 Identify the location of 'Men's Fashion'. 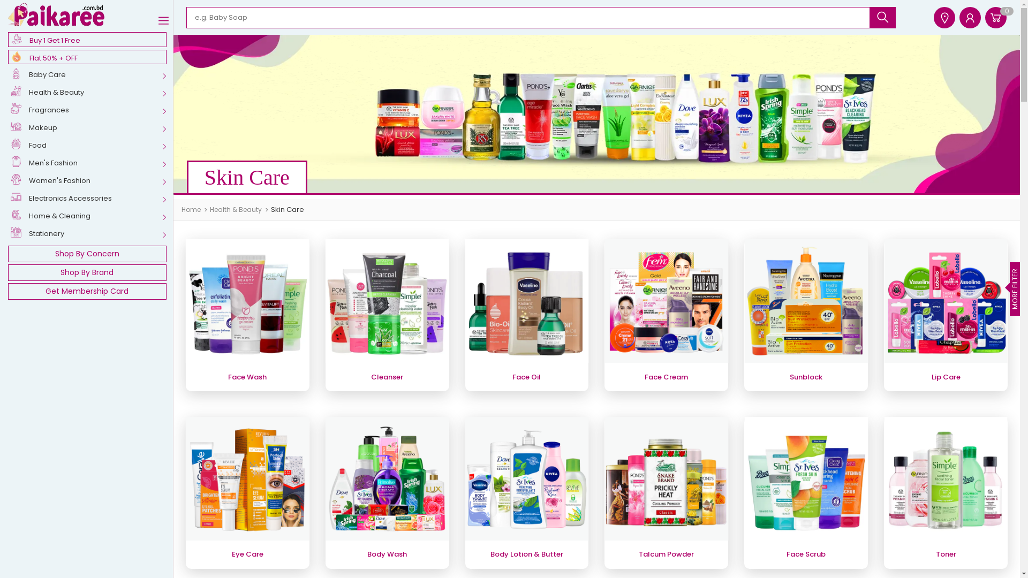
(90, 164).